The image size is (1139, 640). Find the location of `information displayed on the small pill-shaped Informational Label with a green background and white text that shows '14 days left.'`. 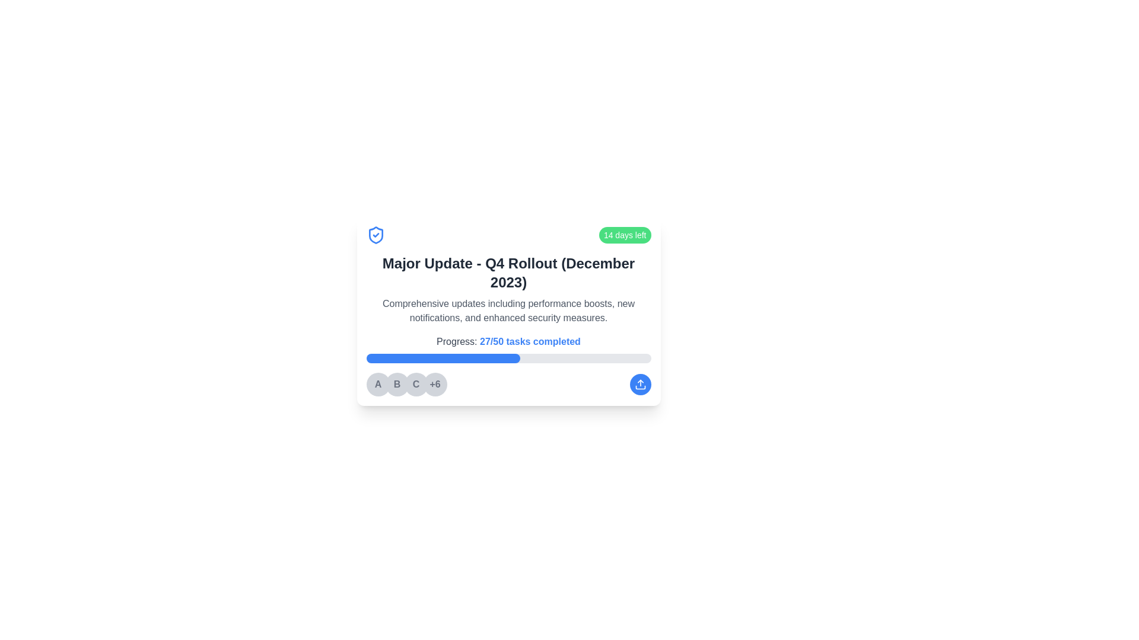

information displayed on the small pill-shaped Informational Label with a green background and white text that shows '14 days left.' is located at coordinates (624, 235).